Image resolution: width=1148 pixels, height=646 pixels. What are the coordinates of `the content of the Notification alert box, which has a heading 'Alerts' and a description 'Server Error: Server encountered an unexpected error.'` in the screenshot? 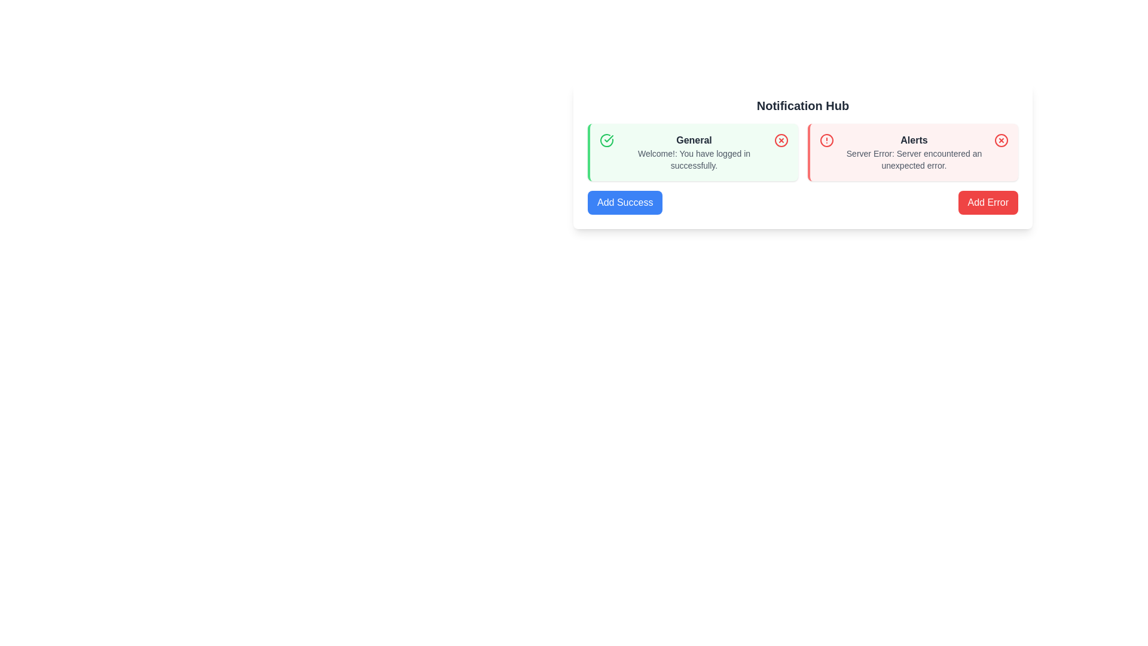 It's located at (914, 151).